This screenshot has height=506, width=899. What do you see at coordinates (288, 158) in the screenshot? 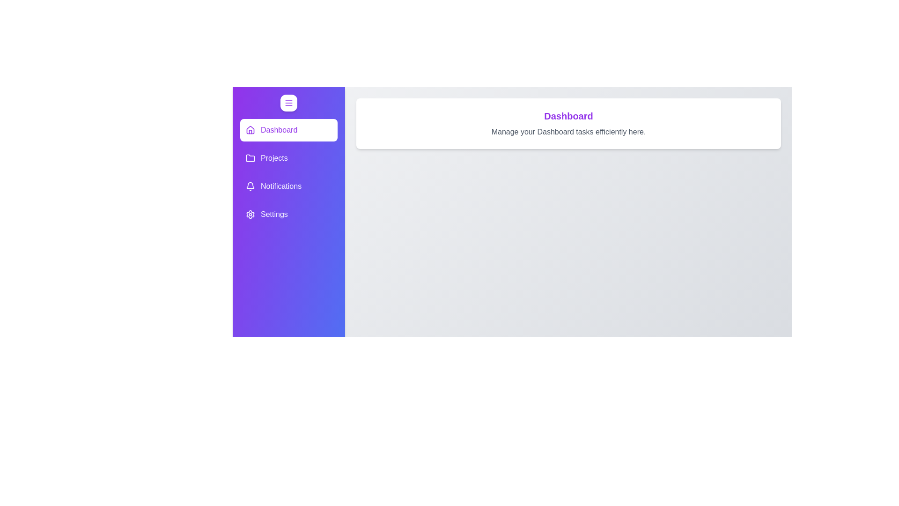
I see `the Projects tab to select it` at bounding box center [288, 158].